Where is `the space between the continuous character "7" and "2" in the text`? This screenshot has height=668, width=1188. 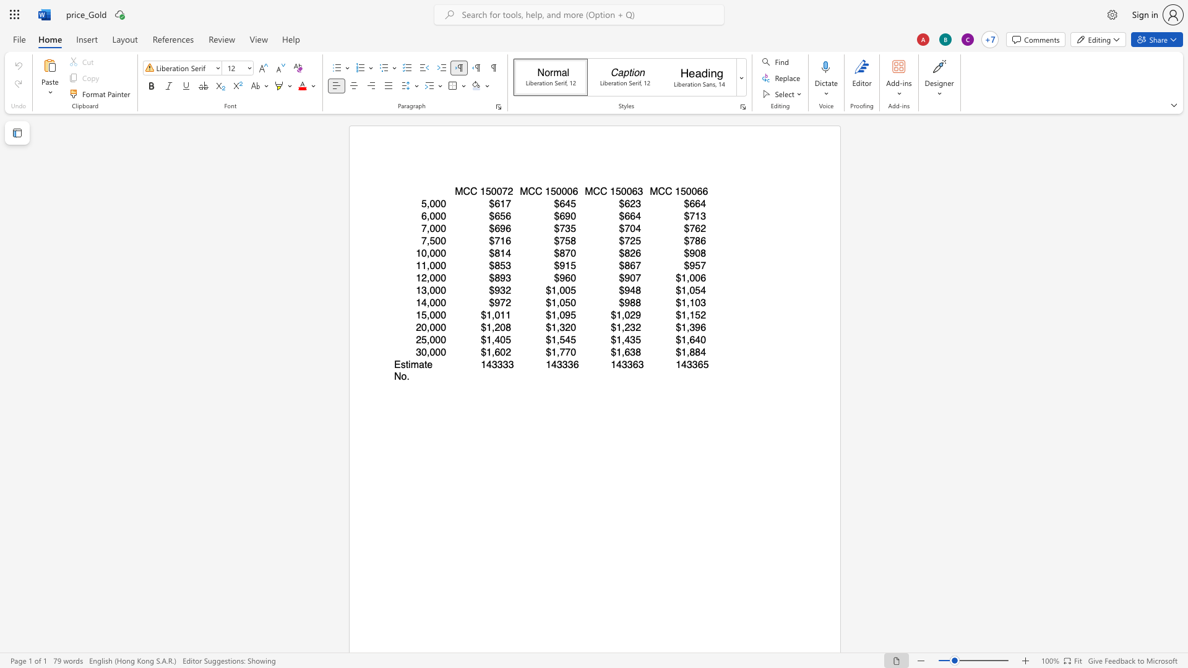
the space between the continuous character "7" and "2" in the text is located at coordinates (507, 191).